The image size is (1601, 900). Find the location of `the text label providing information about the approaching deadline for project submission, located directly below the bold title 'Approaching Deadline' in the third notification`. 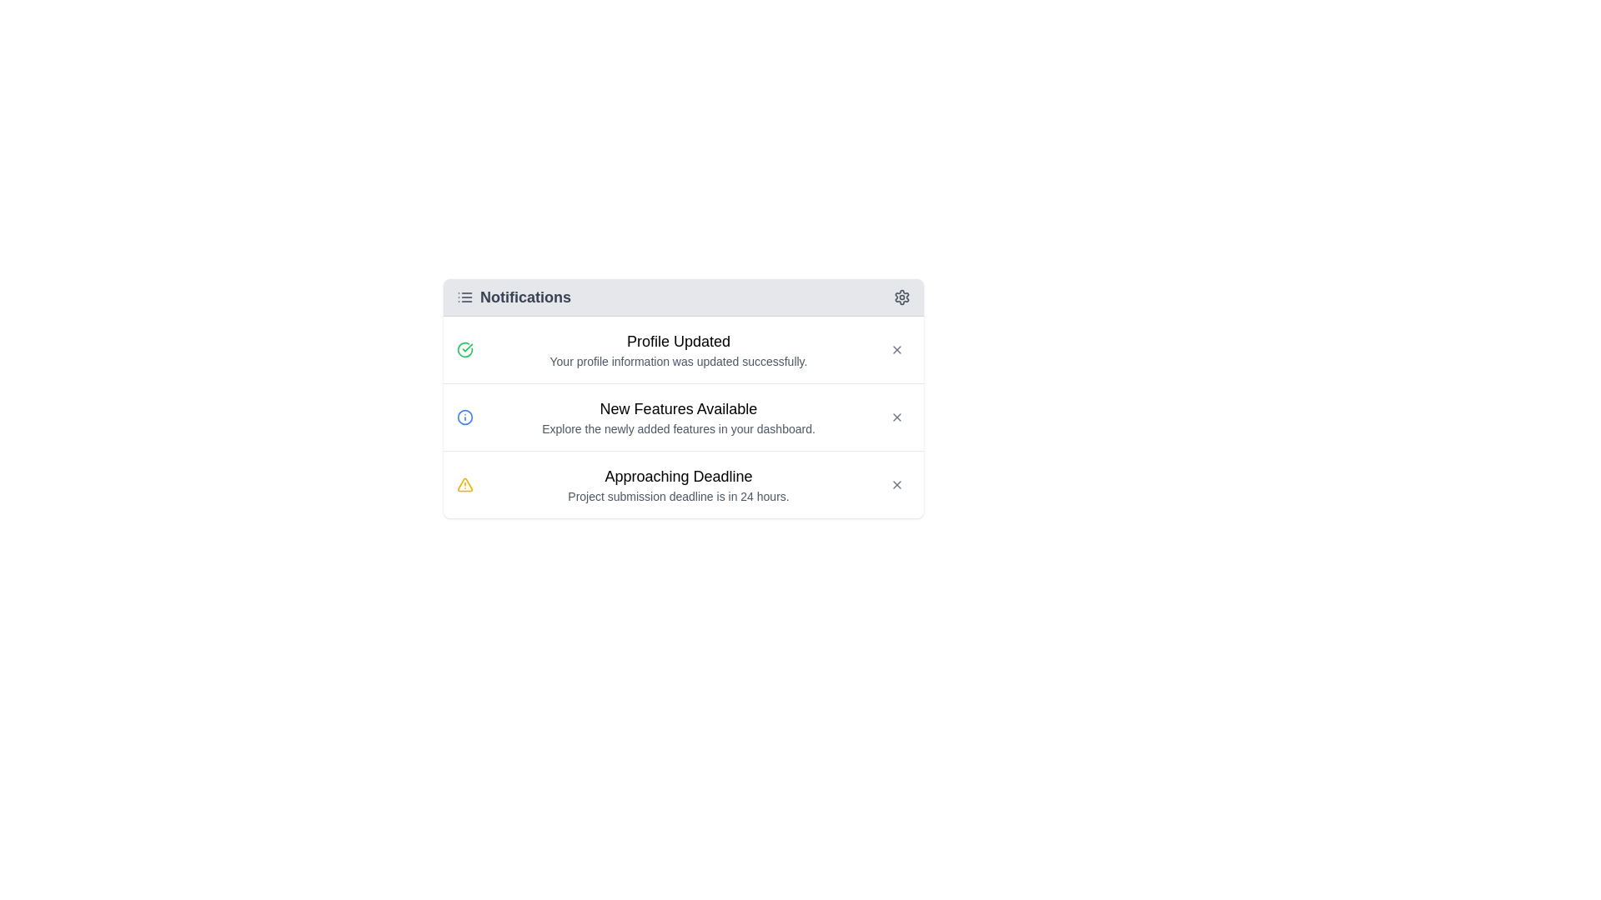

the text label providing information about the approaching deadline for project submission, located directly below the bold title 'Approaching Deadline' in the third notification is located at coordinates (679, 496).